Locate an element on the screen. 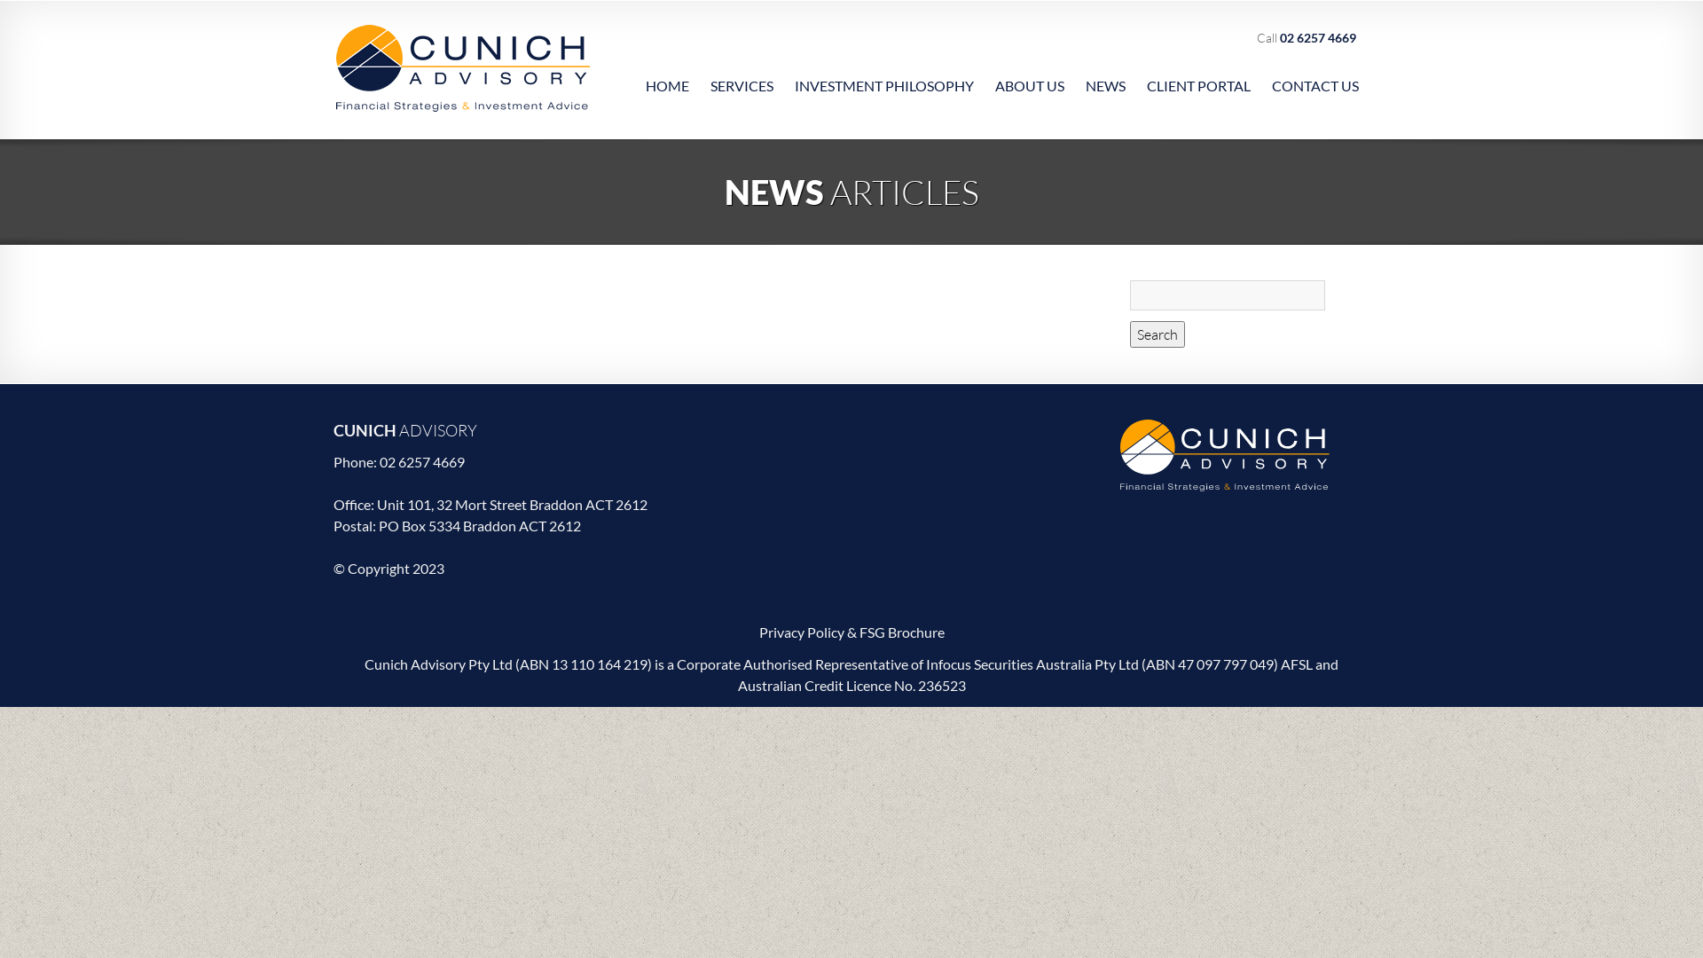  'CONTACT US' is located at coordinates (1315, 73).